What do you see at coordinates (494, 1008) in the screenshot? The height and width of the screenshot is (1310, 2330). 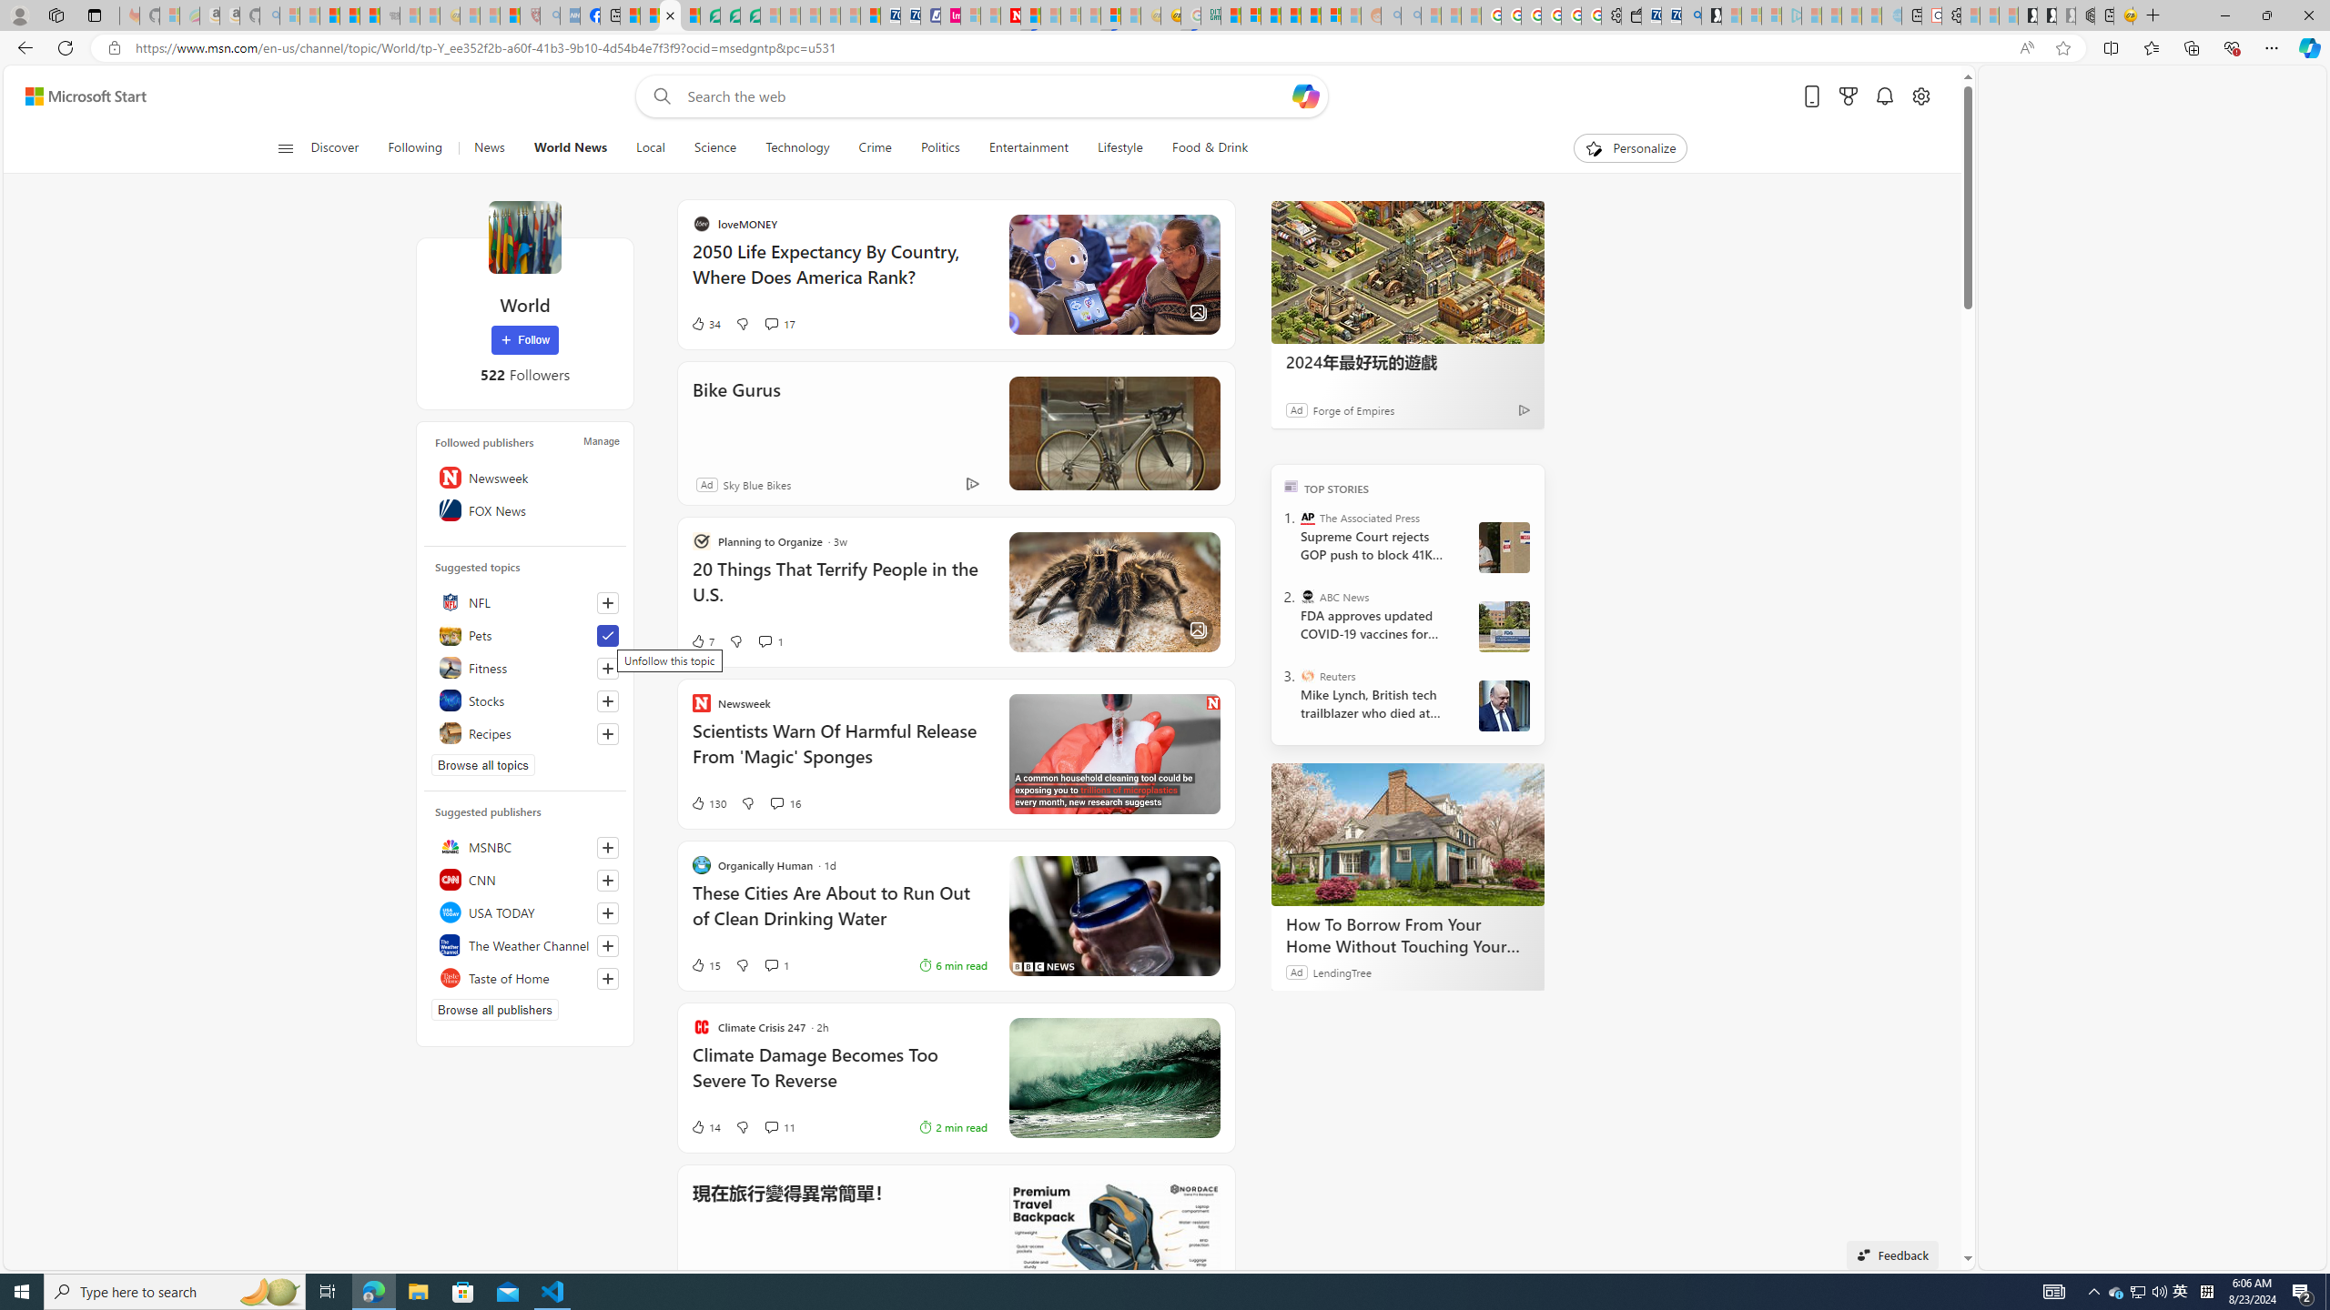 I see `'Browse all publishers'` at bounding box center [494, 1008].